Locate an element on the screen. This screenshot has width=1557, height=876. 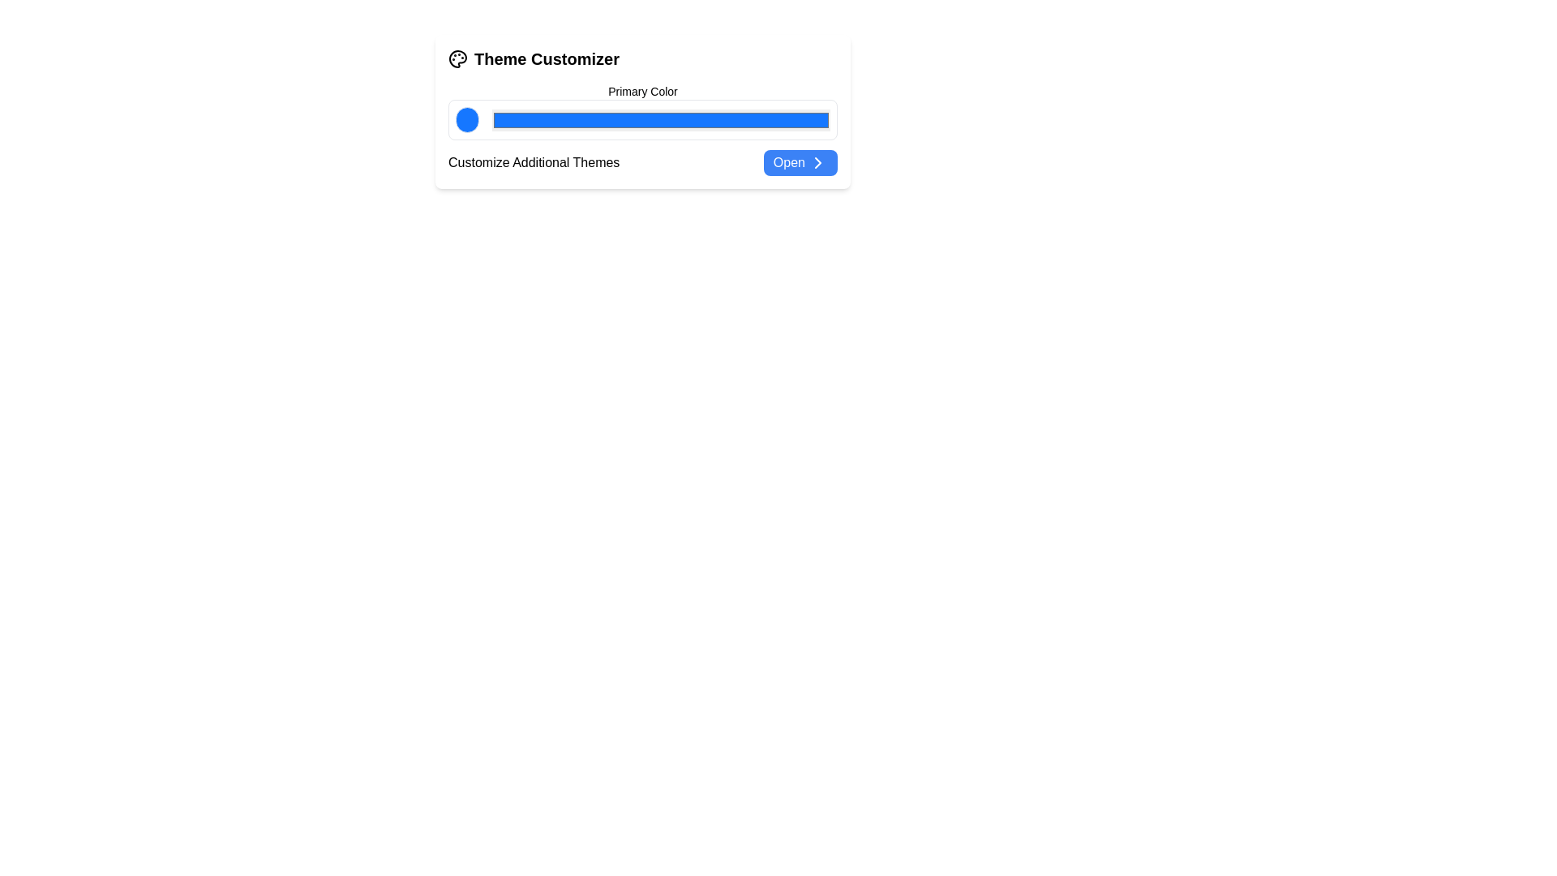
the composite element combining a label and a button for customizing additional themes is located at coordinates (641, 162).